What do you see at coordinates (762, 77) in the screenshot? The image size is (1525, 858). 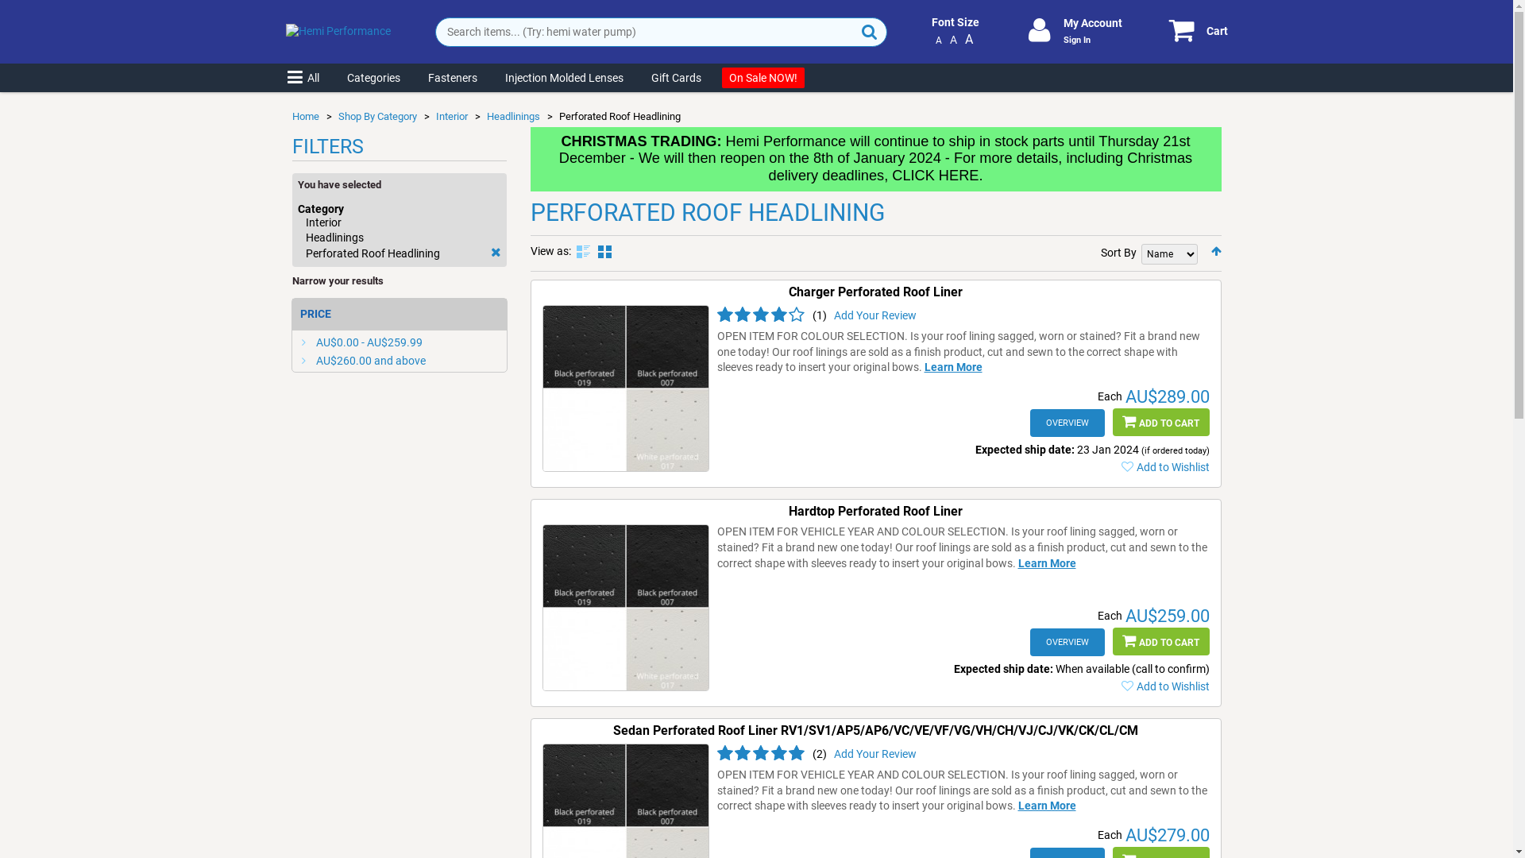 I see `'On Sale'` at bounding box center [762, 77].